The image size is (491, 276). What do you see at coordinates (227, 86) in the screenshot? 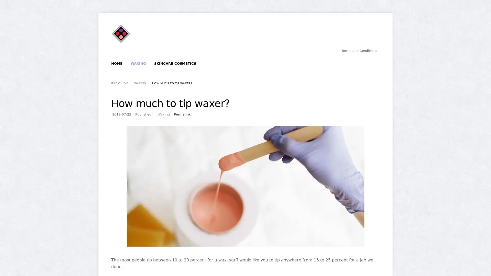
I see `Log In` at bounding box center [227, 86].